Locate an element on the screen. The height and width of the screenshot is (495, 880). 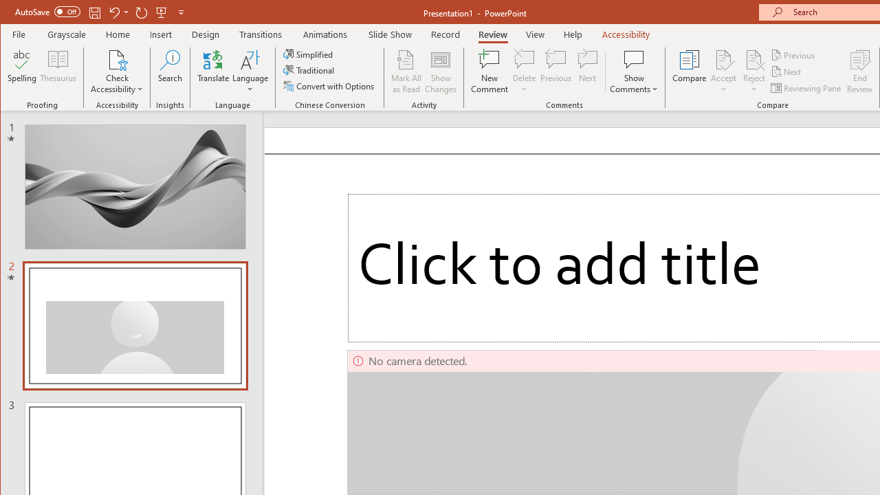
'Language' is located at coordinates (250, 71).